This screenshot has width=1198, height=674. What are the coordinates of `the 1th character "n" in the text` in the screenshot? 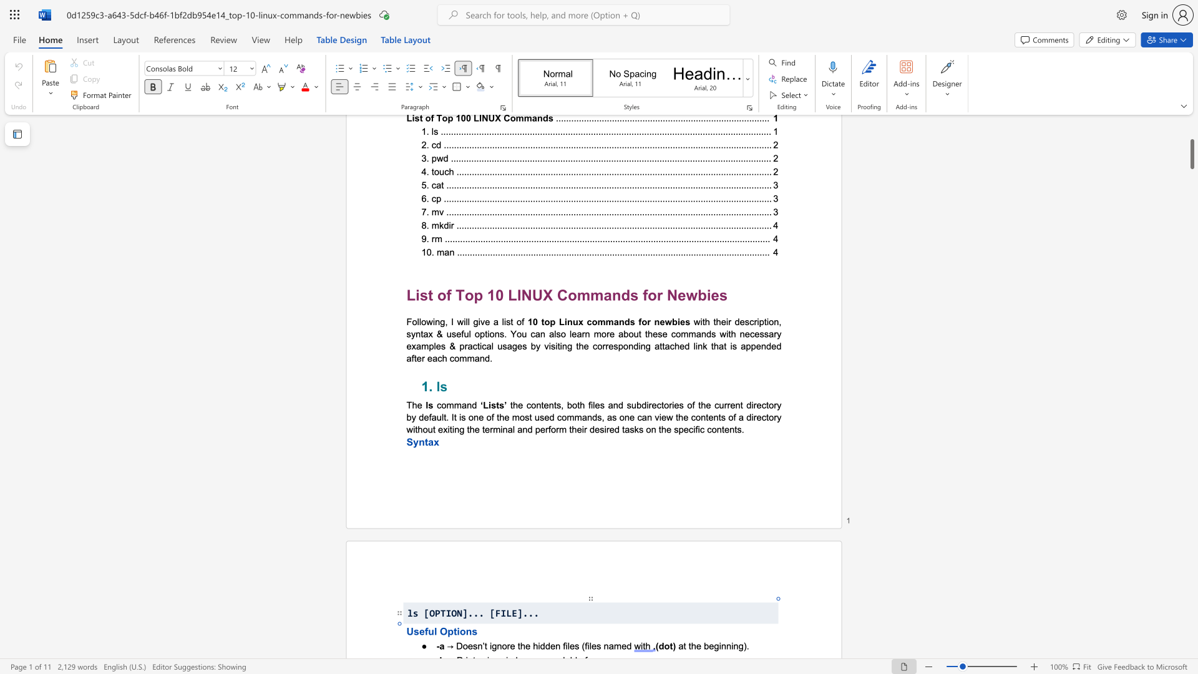 It's located at (499, 645).